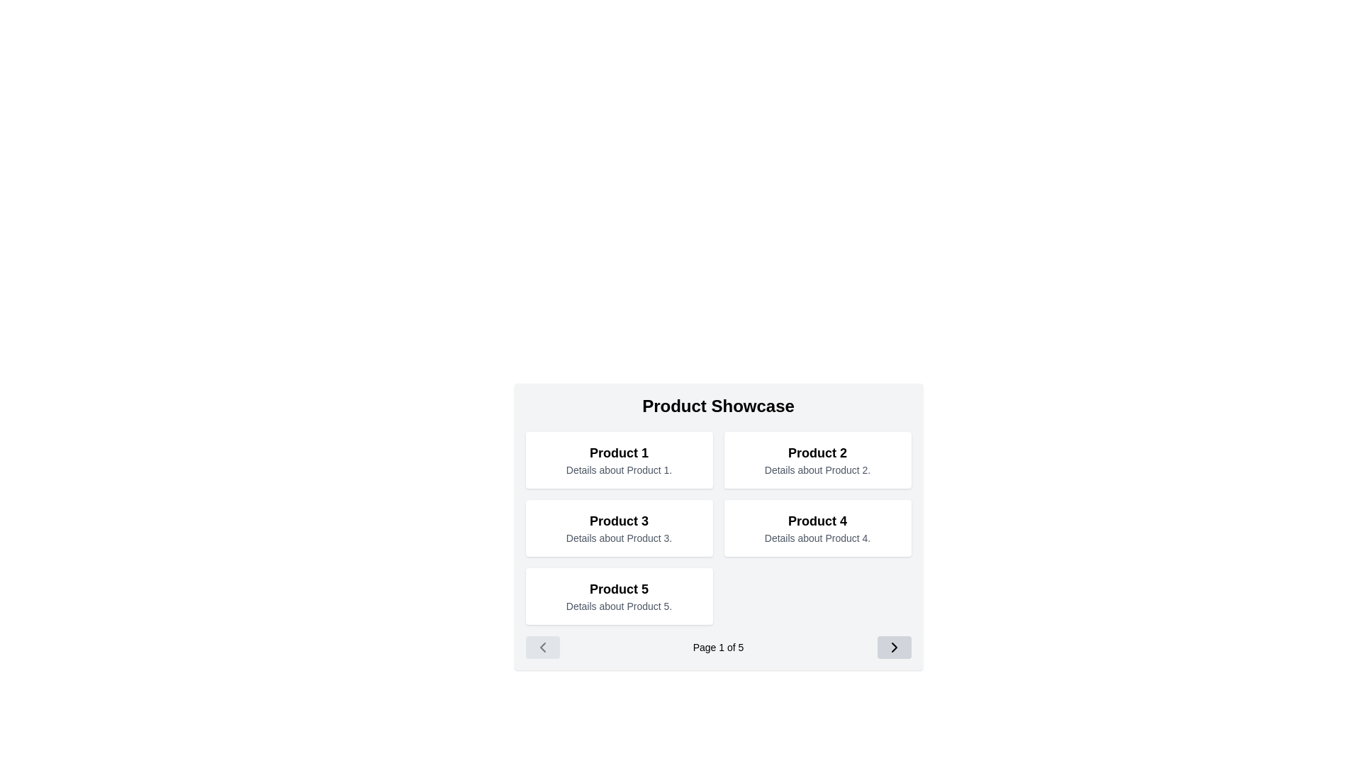 The image size is (1361, 766). What do you see at coordinates (718, 528) in the screenshot?
I see `one of the product cards in the grid layout` at bounding box center [718, 528].